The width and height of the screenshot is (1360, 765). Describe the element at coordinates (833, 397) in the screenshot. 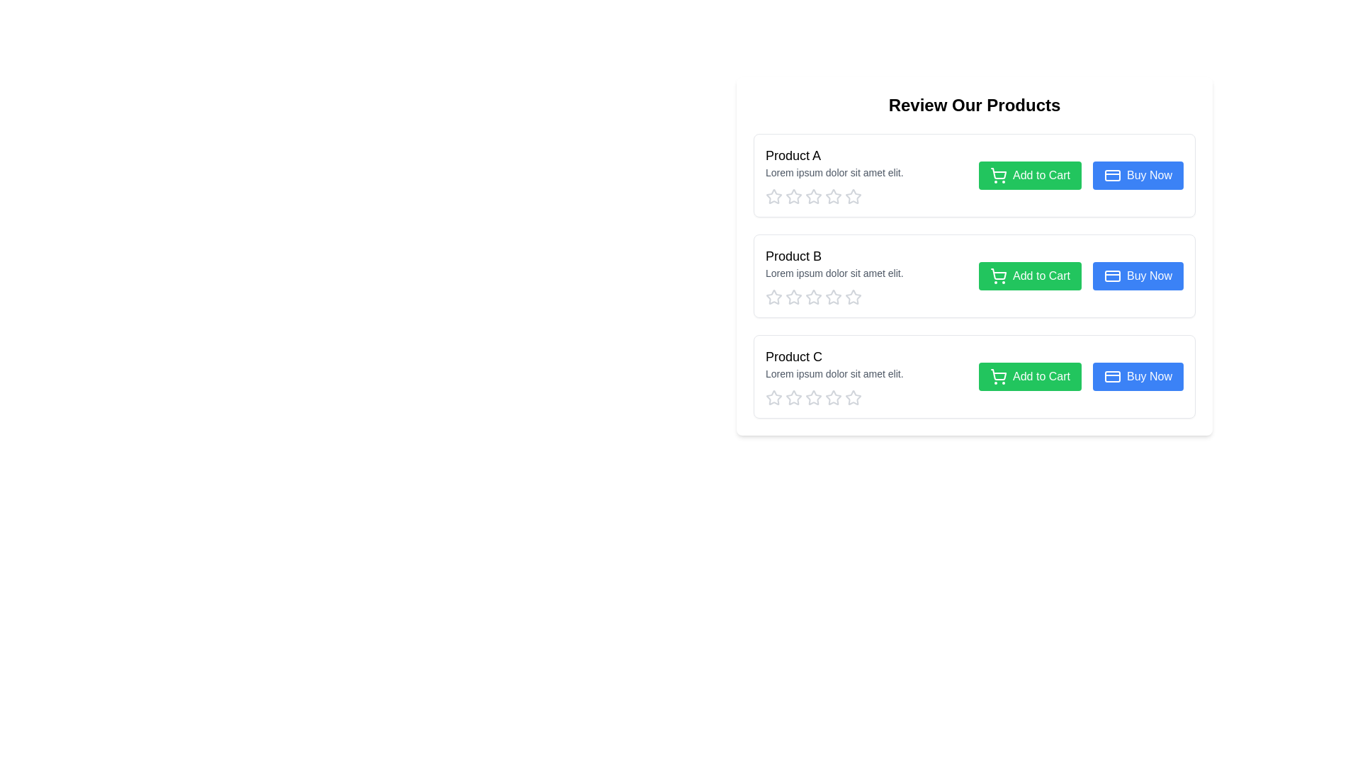

I see `the third hollow star icon in the product rating system for 'Product C' to rate it` at that location.